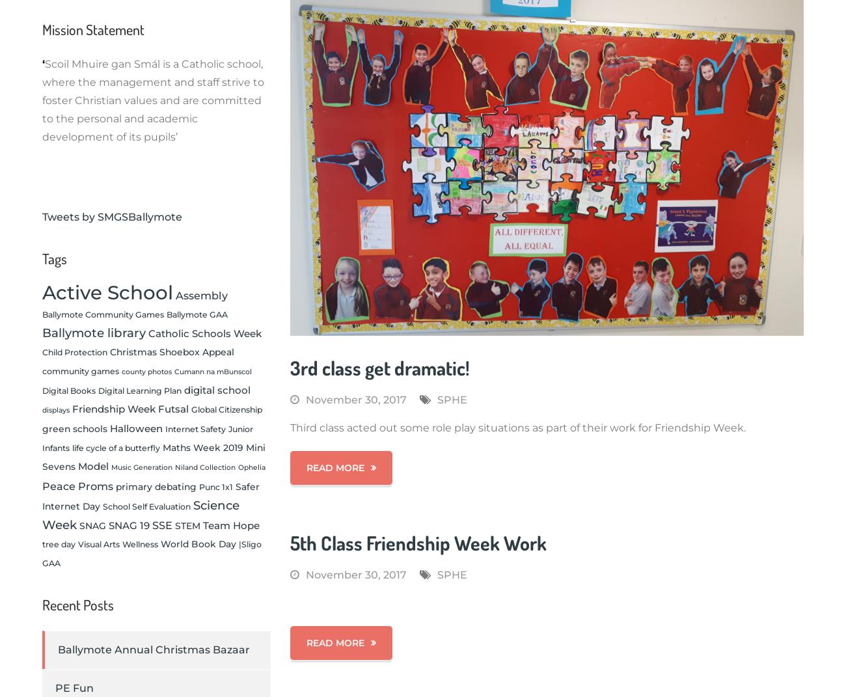 This screenshot has width=846, height=697. I want to click on 'Child Protection', so click(74, 352).